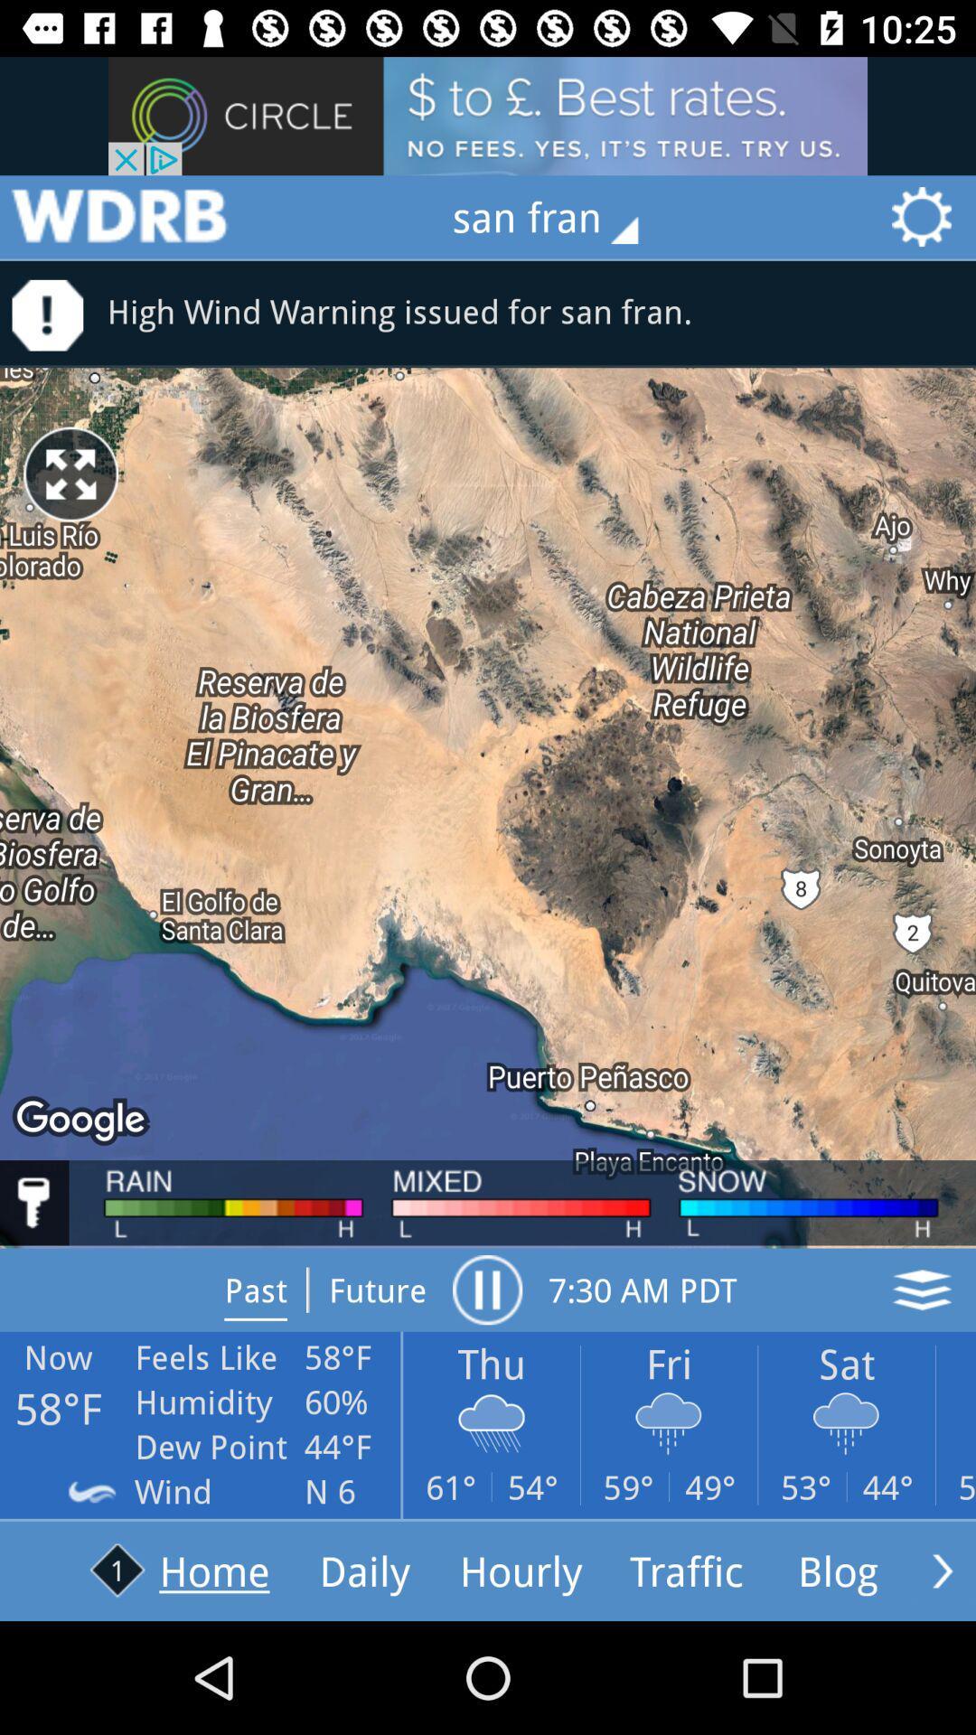 This screenshot has height=1735, width=976. I want to click on the arrow_forward icon, so click(942, 1570).